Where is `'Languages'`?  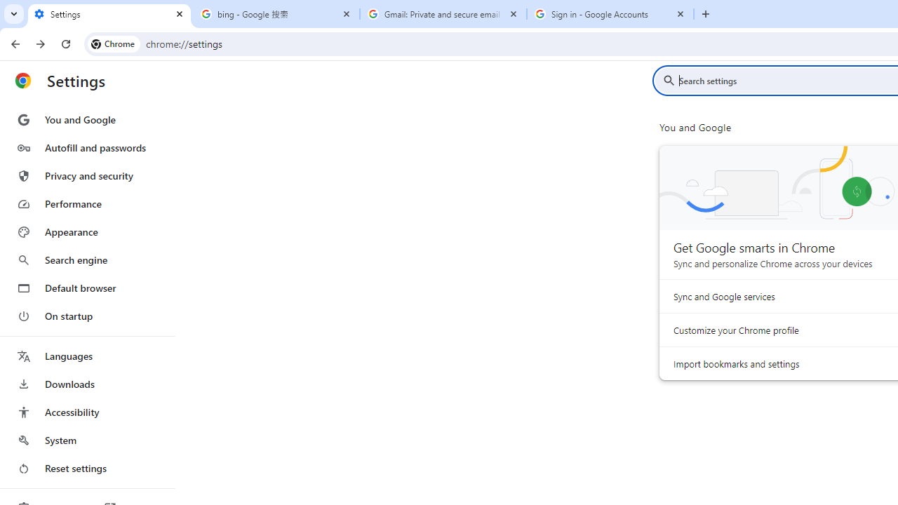
'Languages' is located at coordinates (86, 355).